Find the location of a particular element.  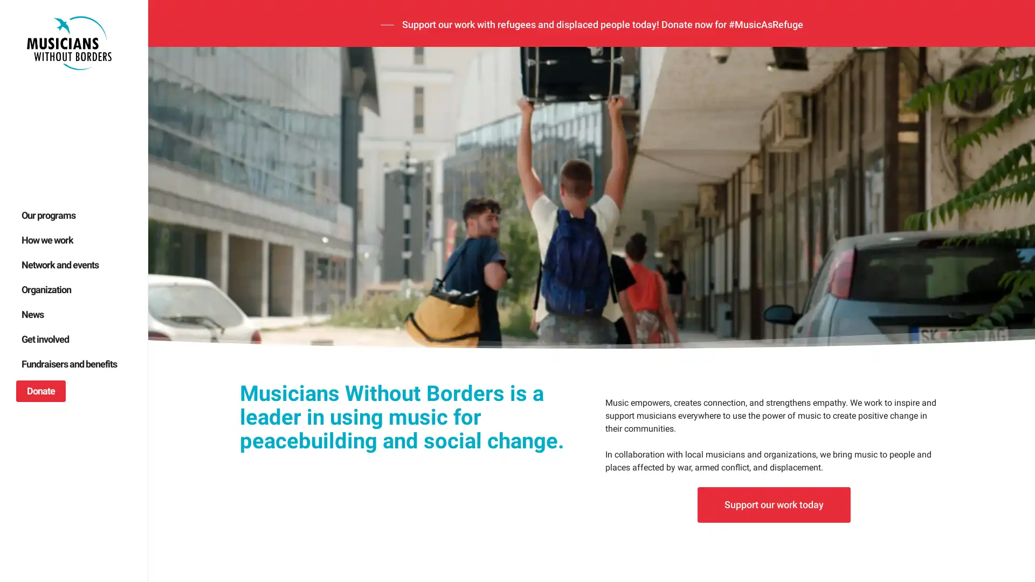

enter full screen is located at coordinates (975, 427).